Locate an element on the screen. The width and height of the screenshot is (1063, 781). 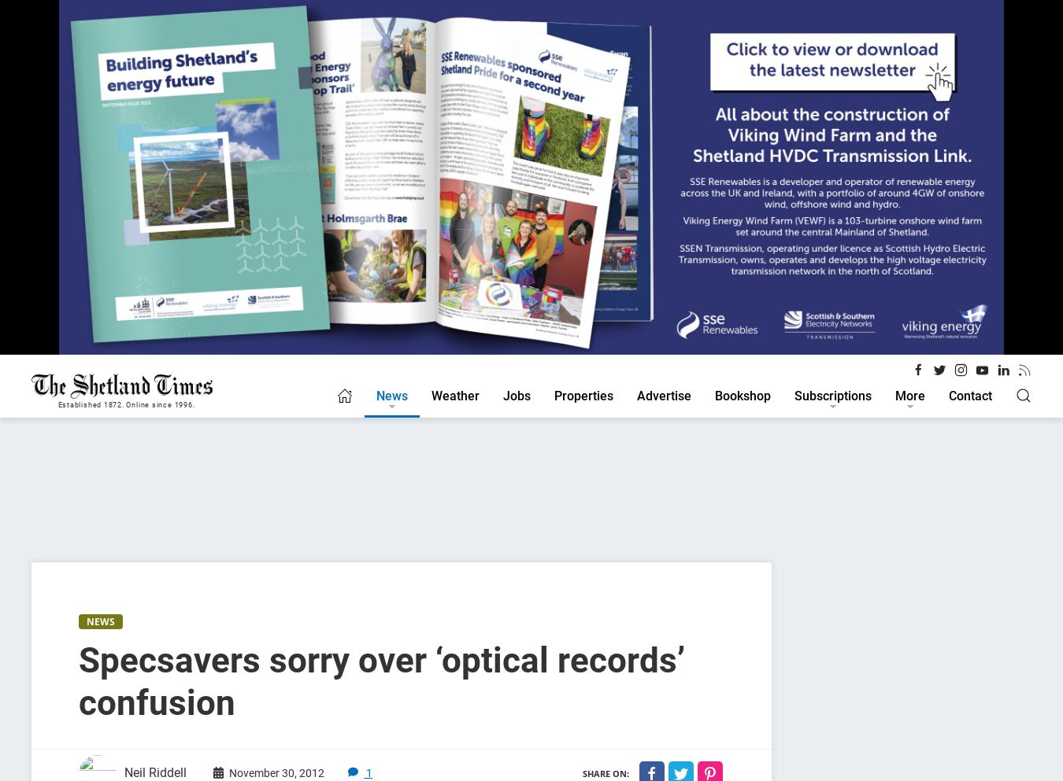
'More' is located at coordinates (909, 395).